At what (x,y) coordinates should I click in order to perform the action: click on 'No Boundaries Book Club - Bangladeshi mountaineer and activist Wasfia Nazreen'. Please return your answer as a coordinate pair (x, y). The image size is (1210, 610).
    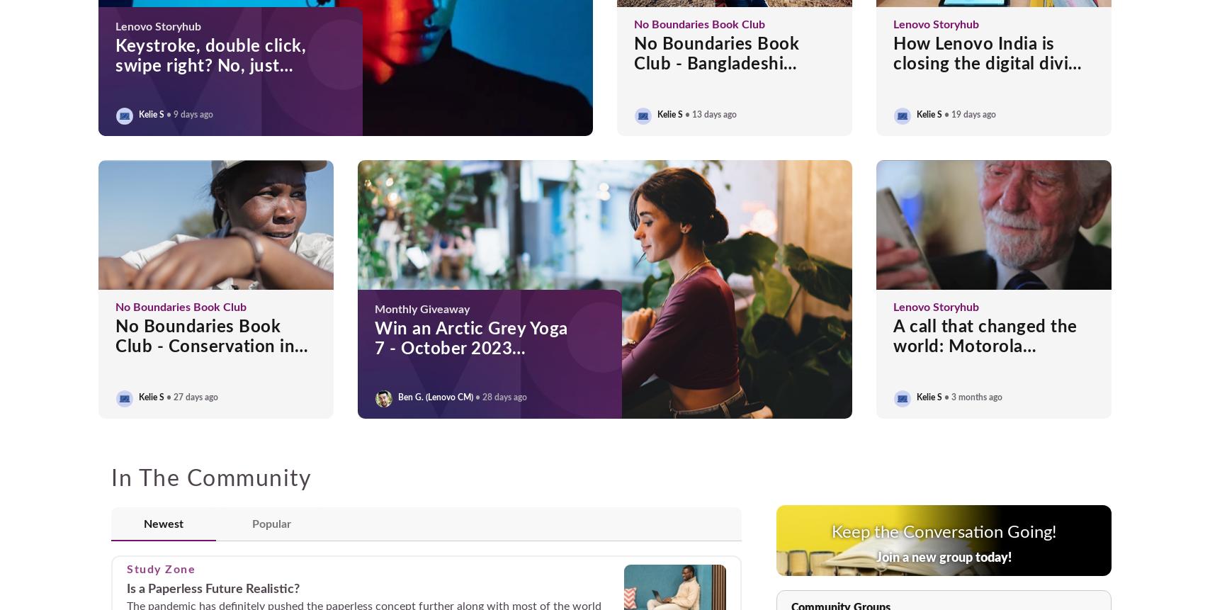
    Looking at the image, I should click on (733, 73).